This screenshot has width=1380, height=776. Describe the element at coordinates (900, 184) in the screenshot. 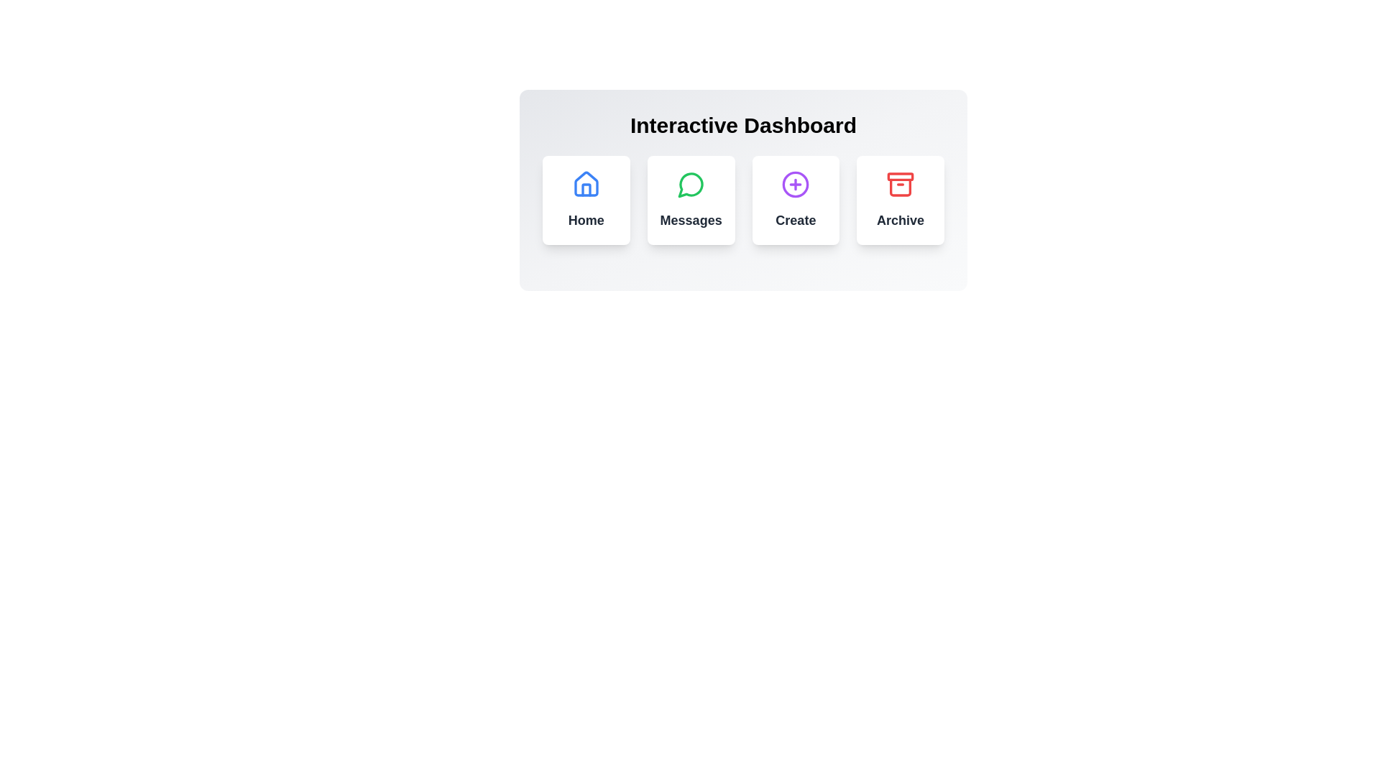

I see `the 'Archive' icon located at the upper graphical component of the 'Archive' tile, positioned to the far right within a series of four tiles in a horizontal row` at that location.